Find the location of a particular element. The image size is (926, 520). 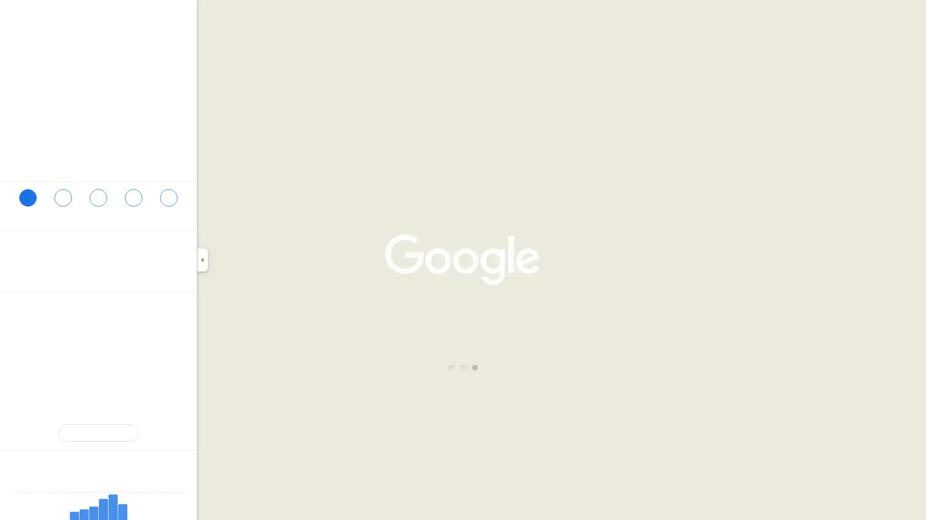

Send Every Thing Goes Book Cafe and Neighborhood Stage to your phone is located at coordinates (133, 205).